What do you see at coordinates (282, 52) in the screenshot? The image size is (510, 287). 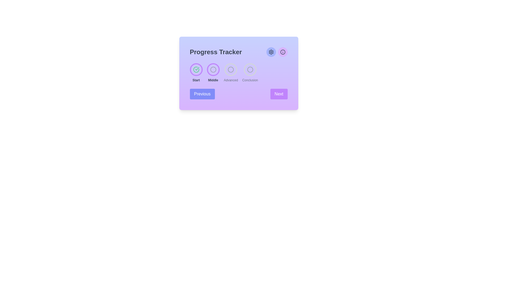 I see `the circular info icon outlined in dark purple located in the top-right corner of the 'Progress Tracker' card` at bounding box center [282, 52].